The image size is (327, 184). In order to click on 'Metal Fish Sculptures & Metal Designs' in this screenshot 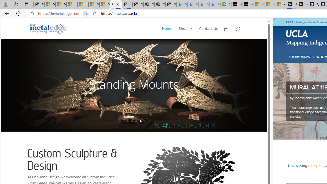, I will do `click(48, 28)`.